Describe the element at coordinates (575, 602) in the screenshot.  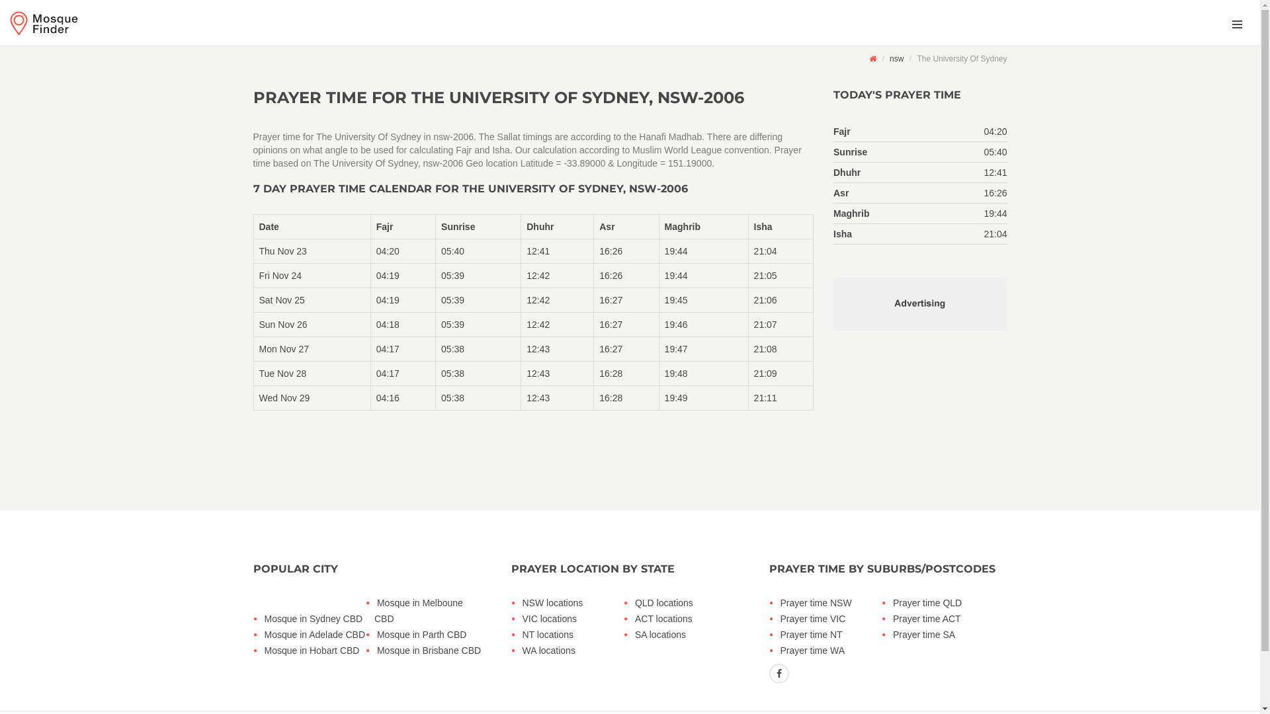
I see `'NSW locations'` at that location.